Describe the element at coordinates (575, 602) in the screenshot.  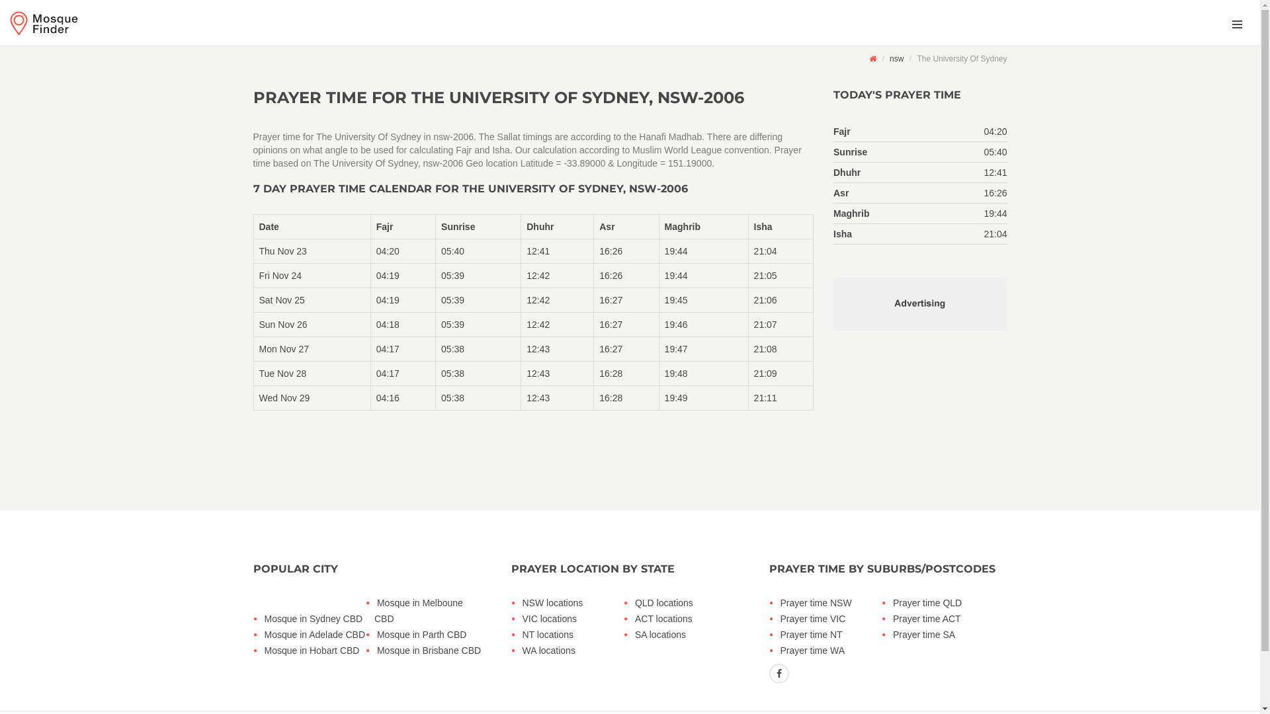
I see `'NSW locations'` at that location.